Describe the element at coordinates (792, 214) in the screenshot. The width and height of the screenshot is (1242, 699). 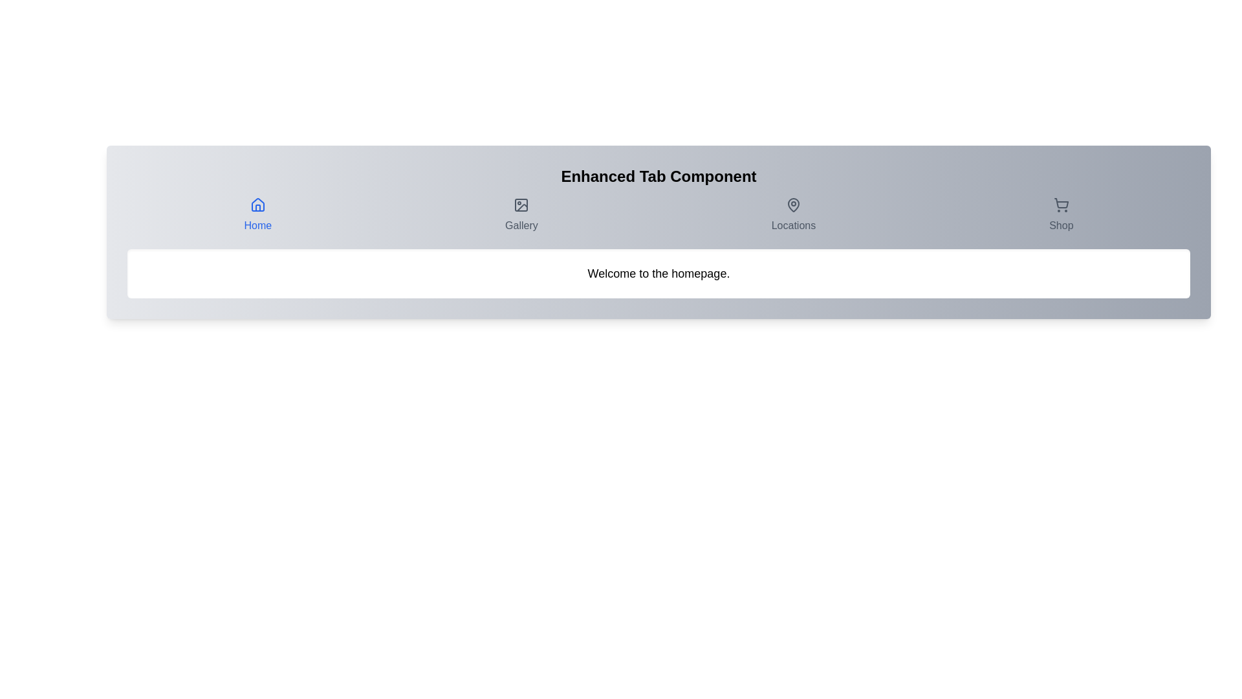
I see `the 'Locations' navigation item, which is the third option in a row of four navigation links` at that location.